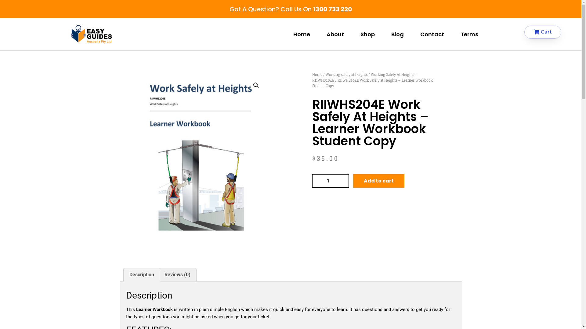 The image size is (586, 329). Describe the element at coordinates (312, 77) in the screenshot. I see `'Working Safely At Heights - R11WHS204E'` at that location.